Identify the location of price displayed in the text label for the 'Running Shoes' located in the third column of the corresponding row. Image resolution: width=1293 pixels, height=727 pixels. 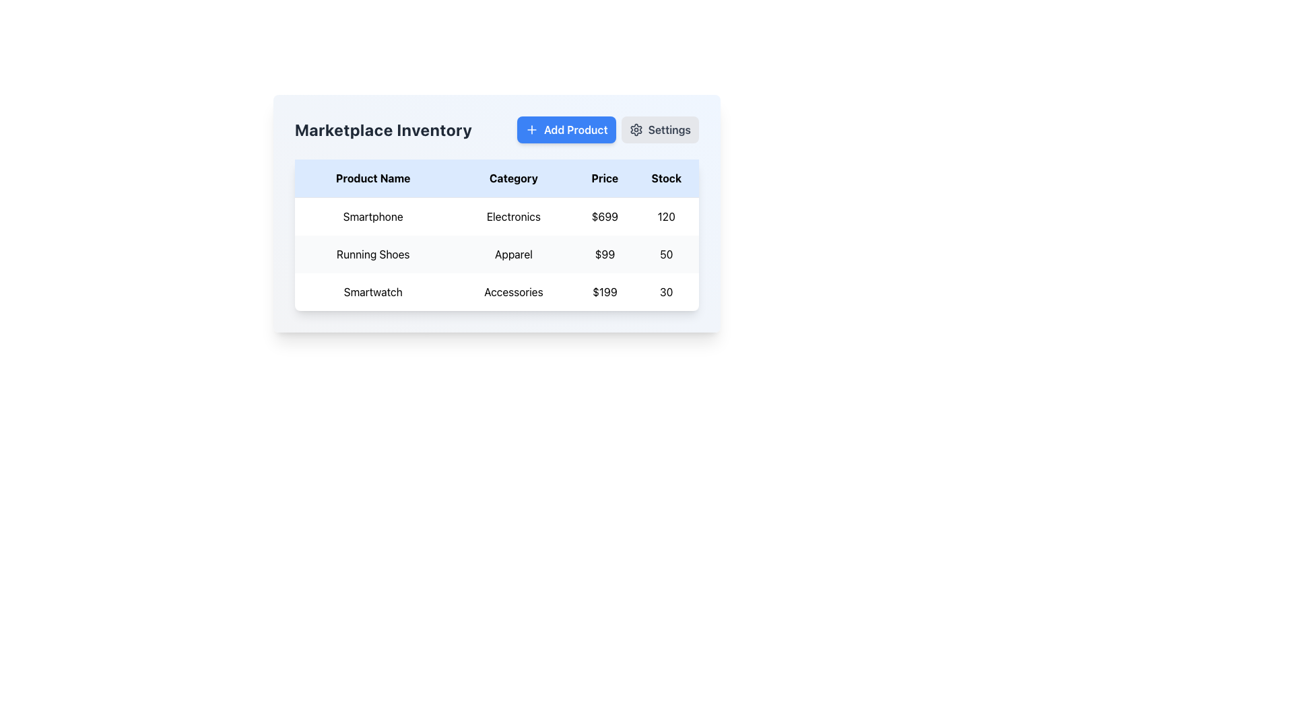
(604, 254).